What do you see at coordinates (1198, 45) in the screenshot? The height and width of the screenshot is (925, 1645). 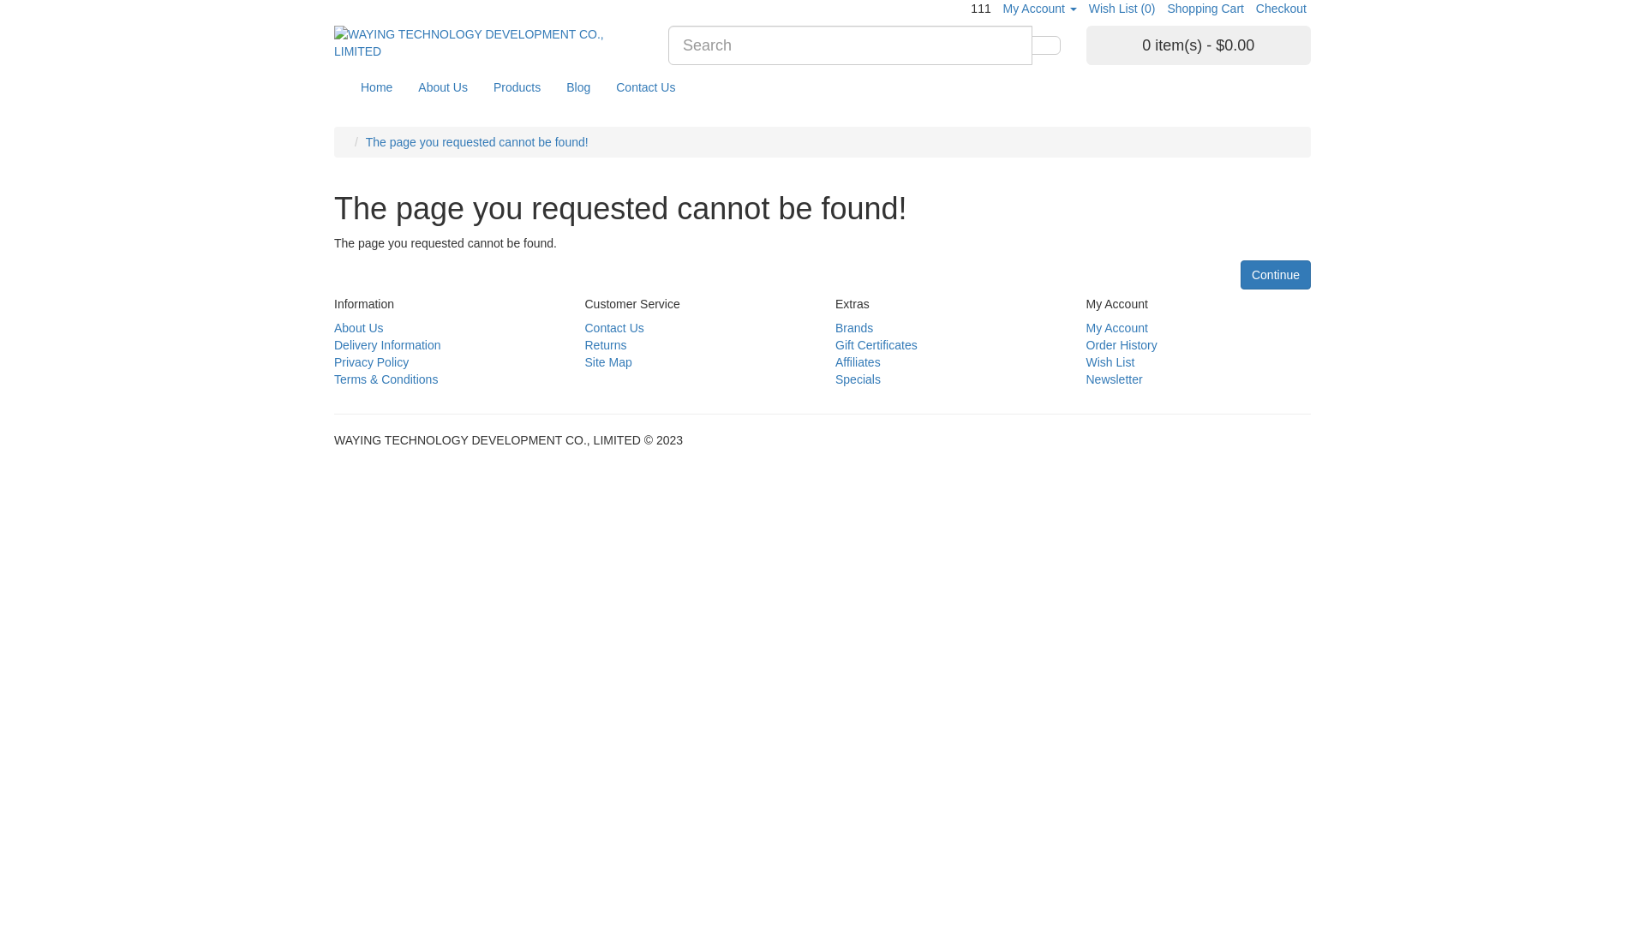 I see `'0 item(s) - $0.00'` at bounding box center [1198, 45].